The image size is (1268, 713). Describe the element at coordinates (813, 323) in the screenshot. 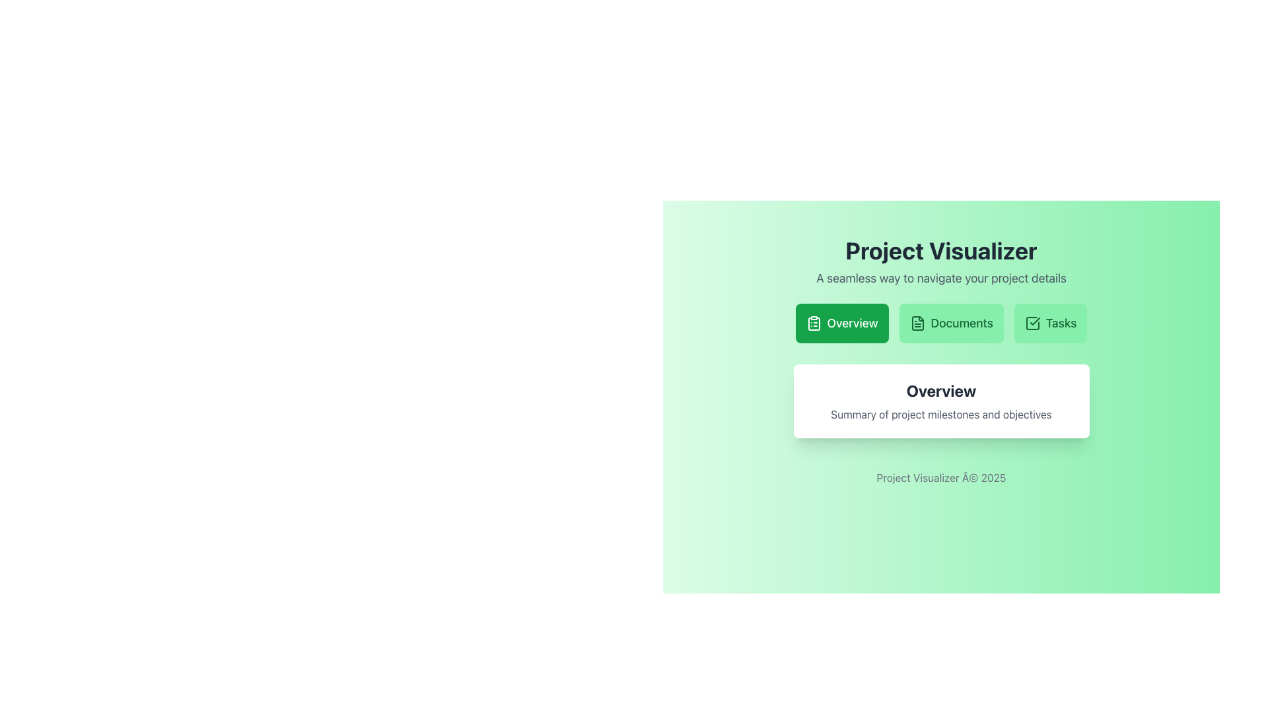

I see `the medium-sized clipboard icon within the 'Overview' button located at the top middle of the application's interface` at that location.